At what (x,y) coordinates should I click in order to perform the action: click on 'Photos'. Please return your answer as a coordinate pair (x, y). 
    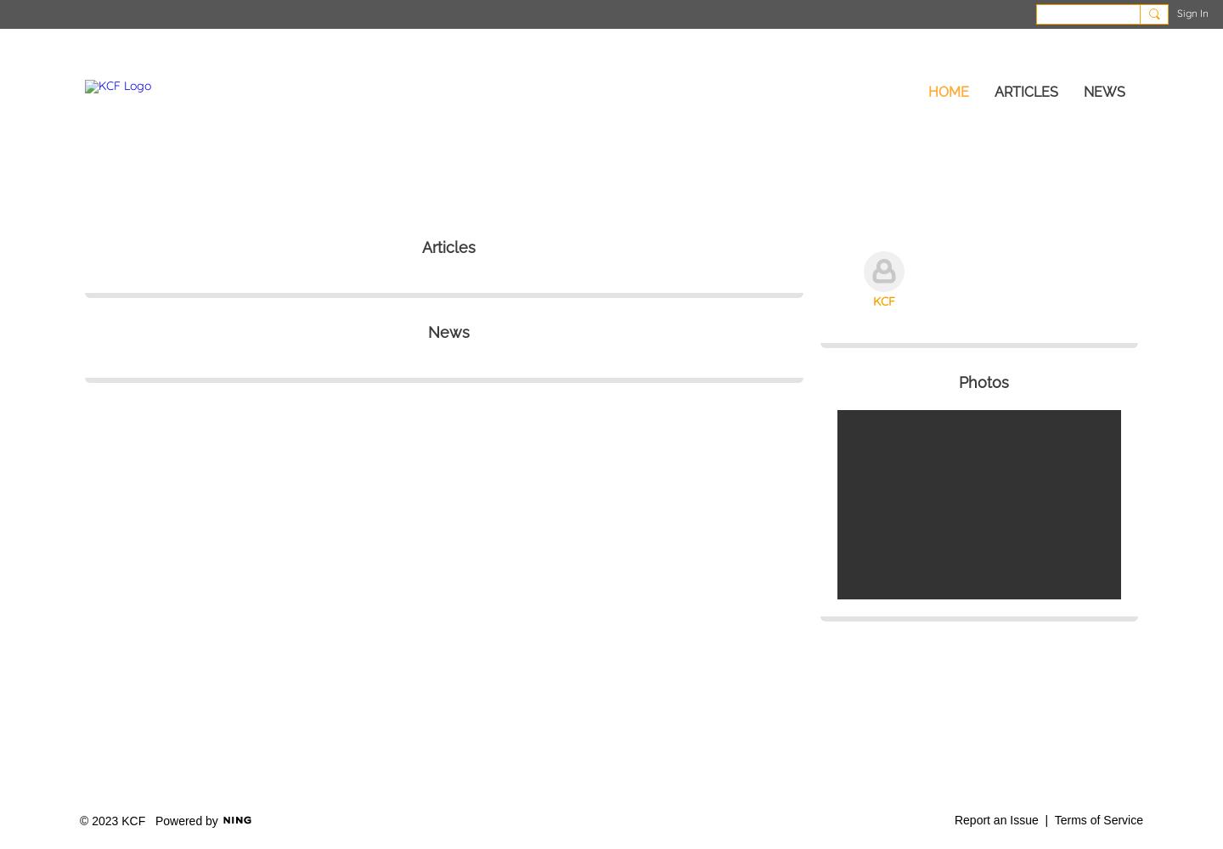
    Looking at the image, I should click on (983, 380).